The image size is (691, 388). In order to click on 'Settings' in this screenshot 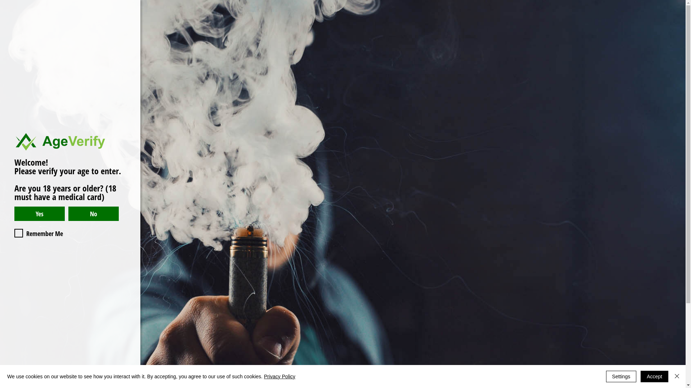, I will do `click(621, 376)`.